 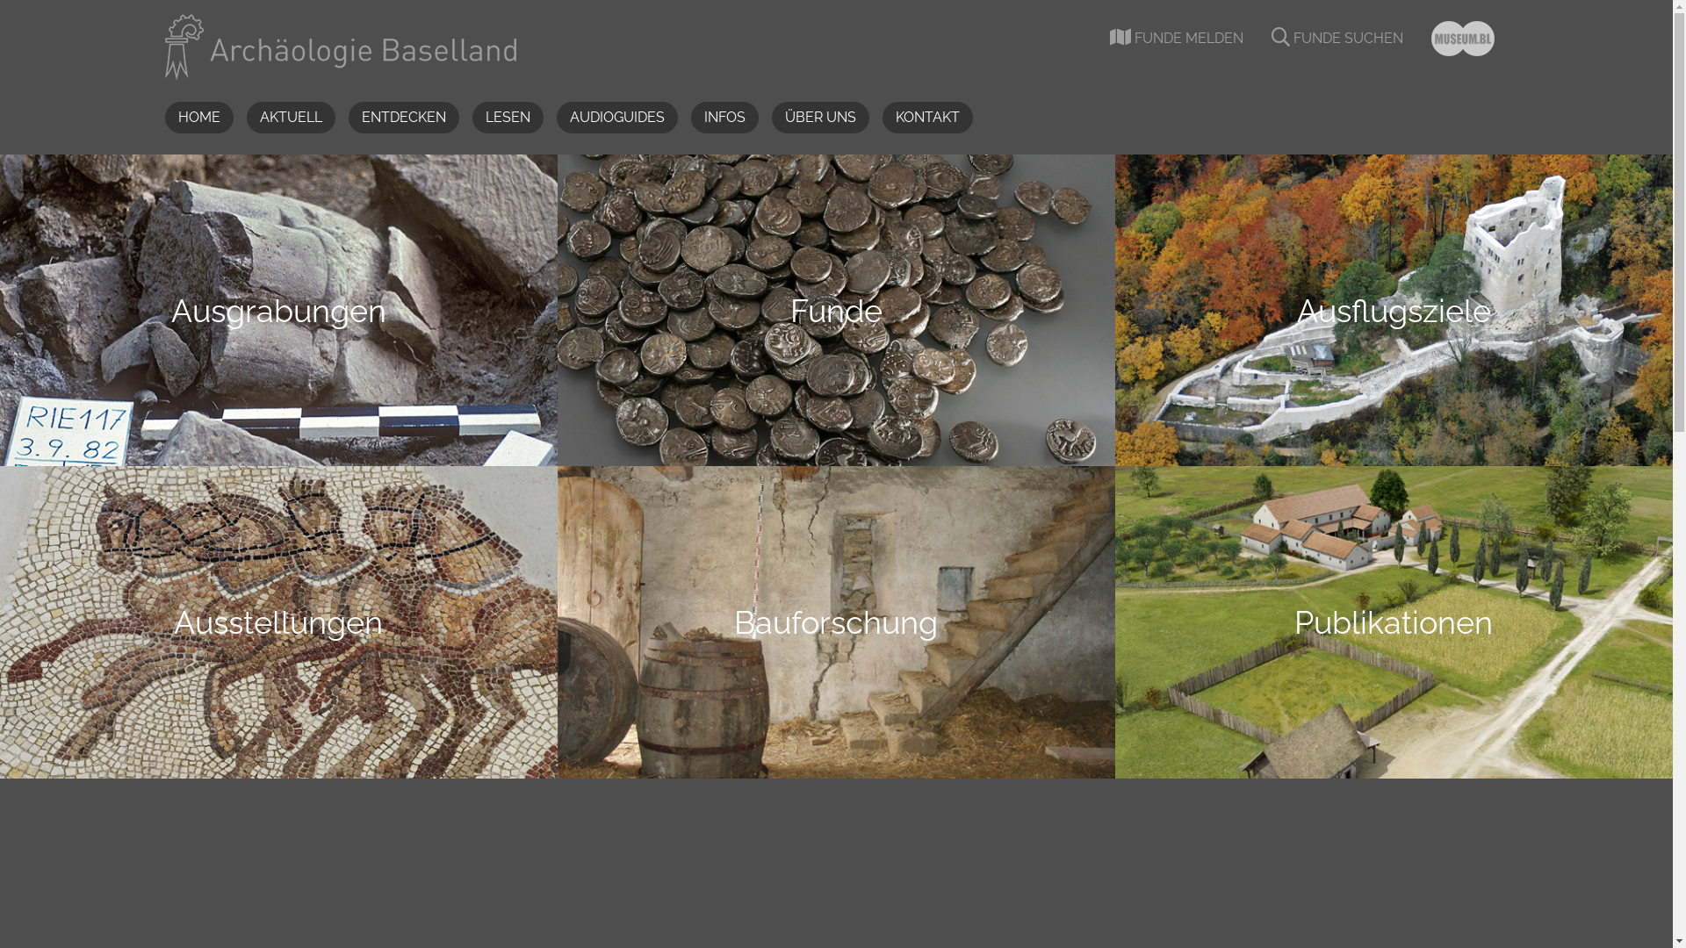 I want to click on 'HOME', so click(x=164, y=118).